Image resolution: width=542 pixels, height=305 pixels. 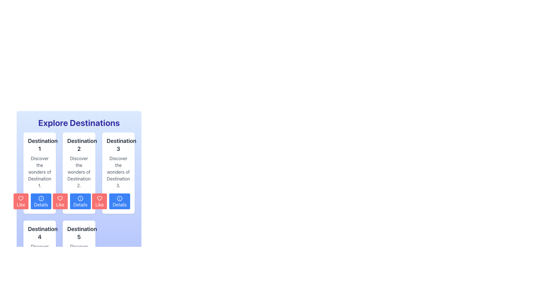 What do you see at coordinates (99, 198) in the screenshot?
I see `the red heart-shaped icon within the button below the card labeled 'Destination 3' to like or favorite the destination` at bounding box center [99, 198].